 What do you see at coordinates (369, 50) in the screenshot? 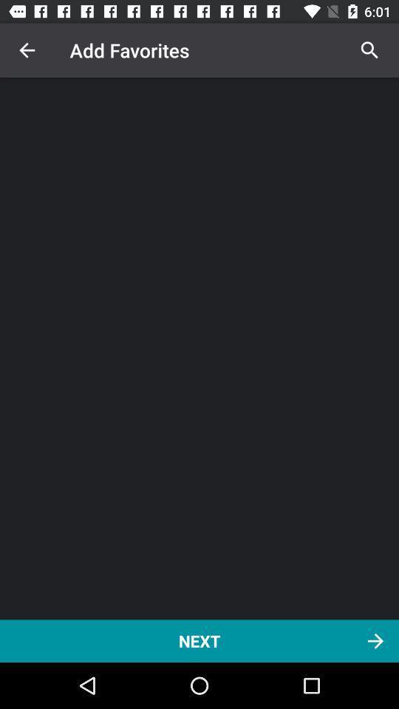
I see `icon above the next` at bounding box center [369, 50].